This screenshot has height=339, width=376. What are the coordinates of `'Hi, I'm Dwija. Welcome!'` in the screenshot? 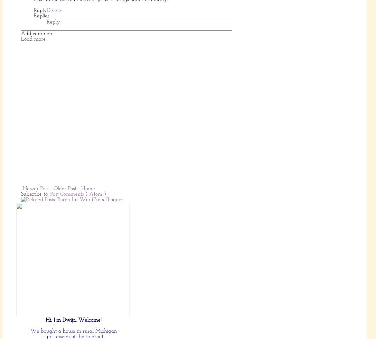 It's located at (73, 320).